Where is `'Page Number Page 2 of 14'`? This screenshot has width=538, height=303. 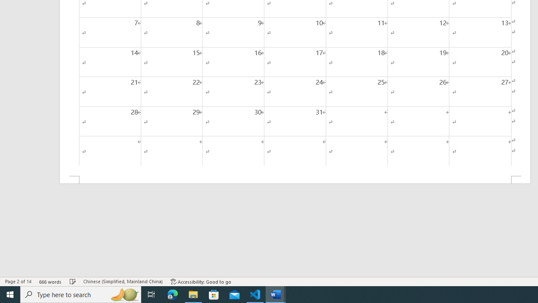
'Page Number Page 2 of 14' is located at coordinates (18, 282).